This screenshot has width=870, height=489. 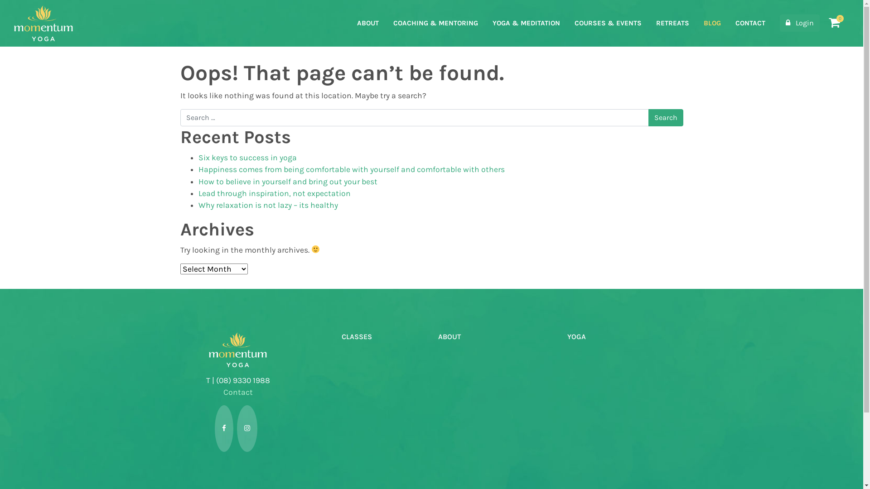 I want to click on 'Contact', so click(x=237, y=392).